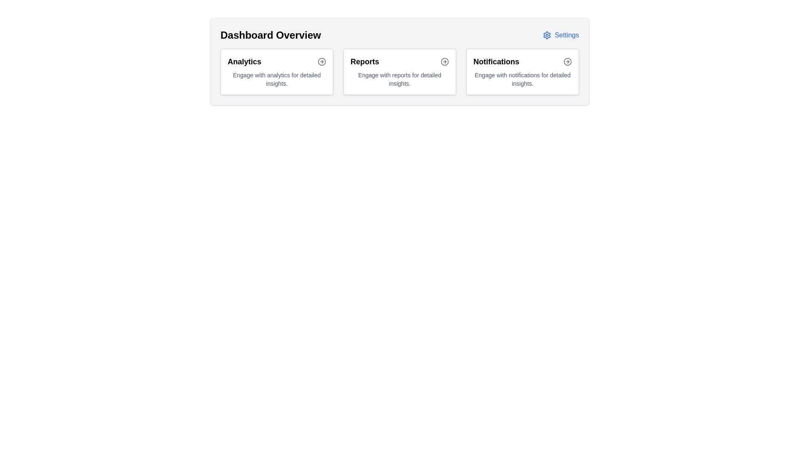 This screenshot has width=808, height=454. I want to click on the gear icon representing settings functionality located at the top right corner of the interface, adjacent to the text labeled 'Settings', so click(547, 35).